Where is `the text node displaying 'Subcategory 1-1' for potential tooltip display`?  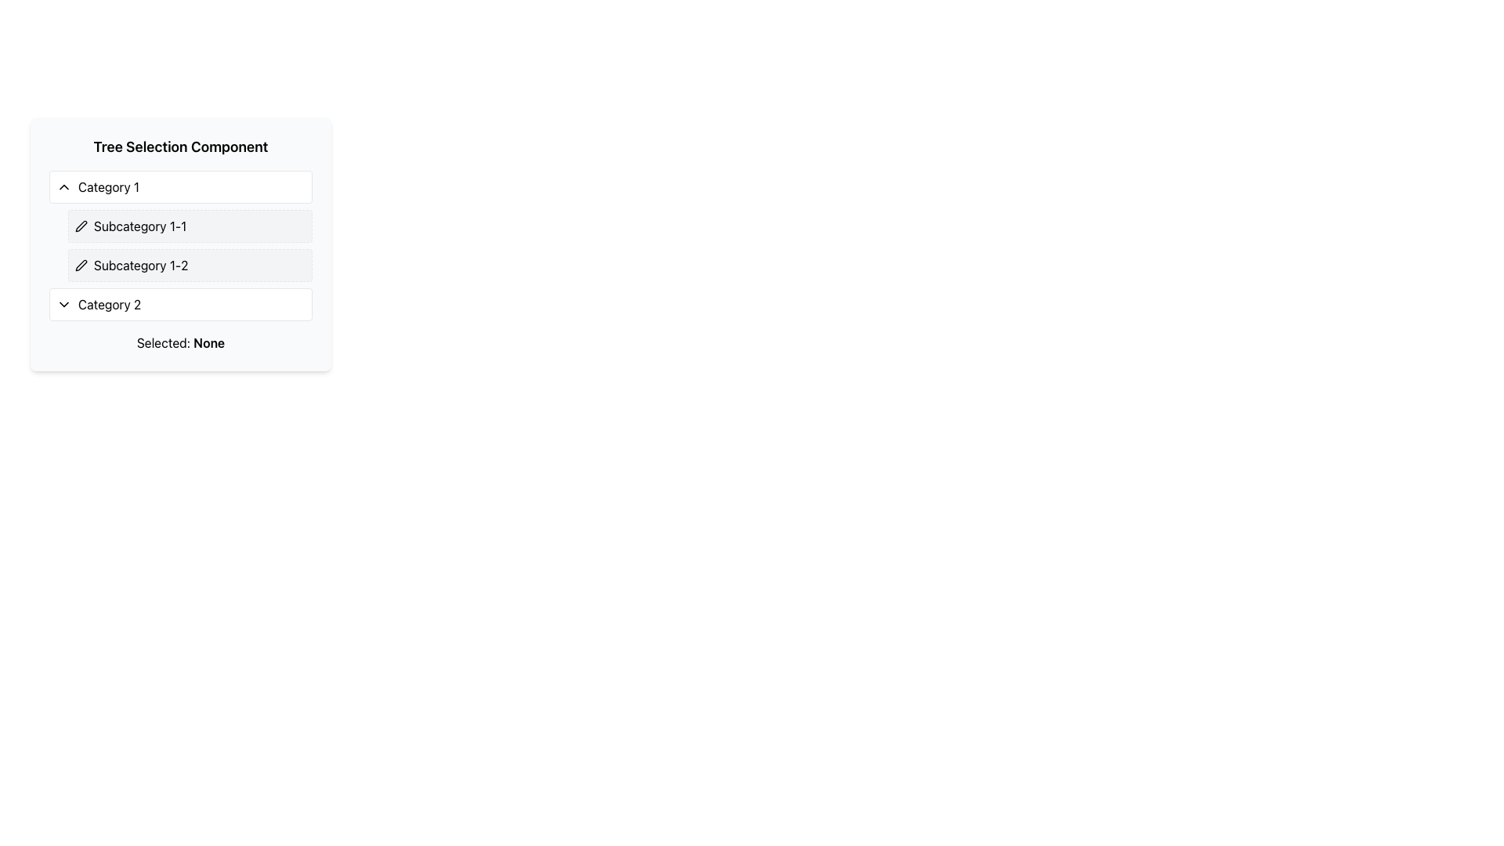 the text node displaying 'Subcategory 1-1' for potential tooltip display is located at coordinates (140, 226).